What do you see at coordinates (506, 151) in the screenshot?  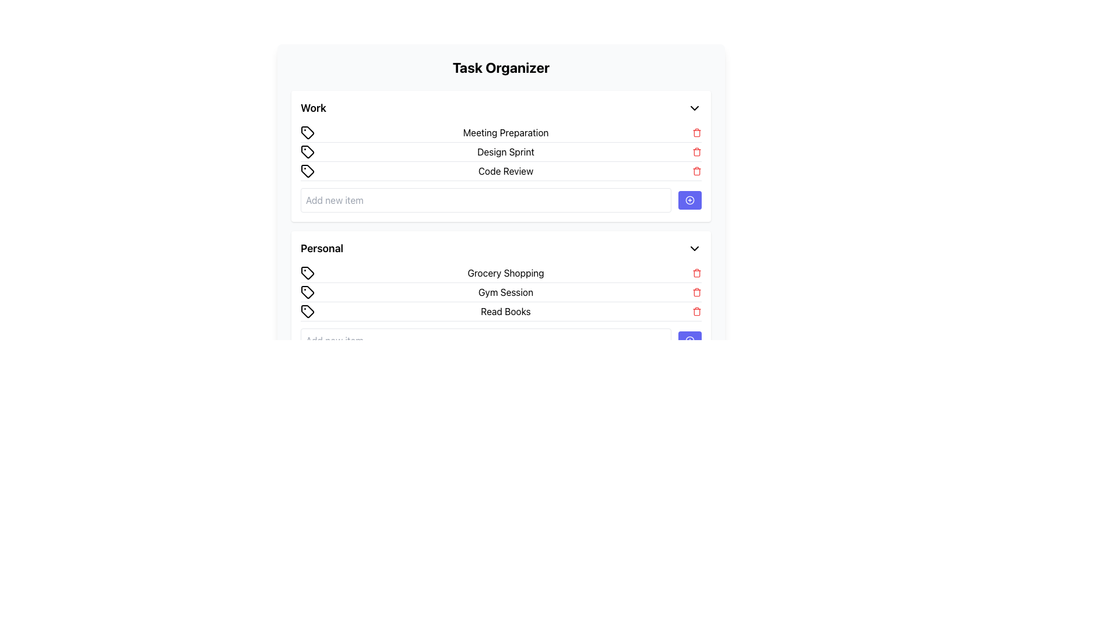 I see `the text label displaying 'Design Sprint', which is the second item in the 'Work' section, positioned between 'Meeting Preparation' and 'Code Review'` at bounding box center [506, 151].